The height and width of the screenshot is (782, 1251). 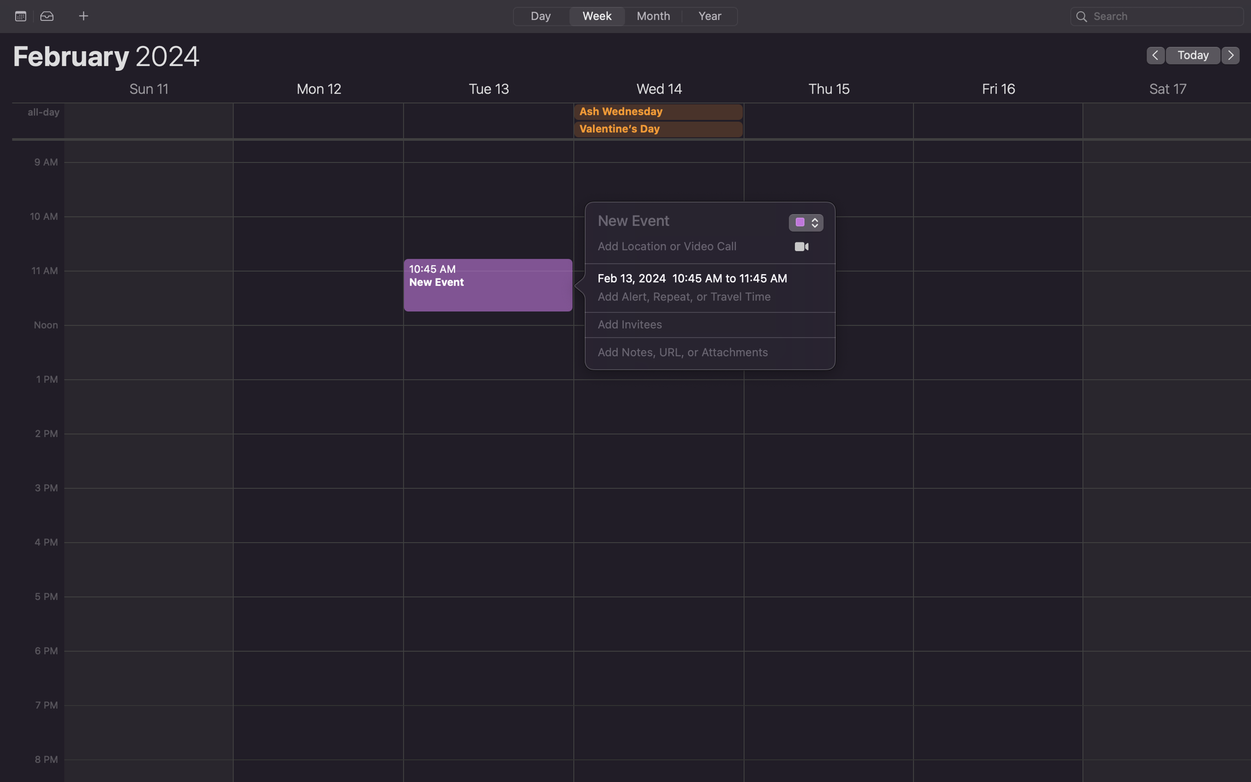 What do you see at coordinates (799, 224) in the screenshot?
I see `Input "Birthday Party" as the event type` at bounding box center [799, 224].